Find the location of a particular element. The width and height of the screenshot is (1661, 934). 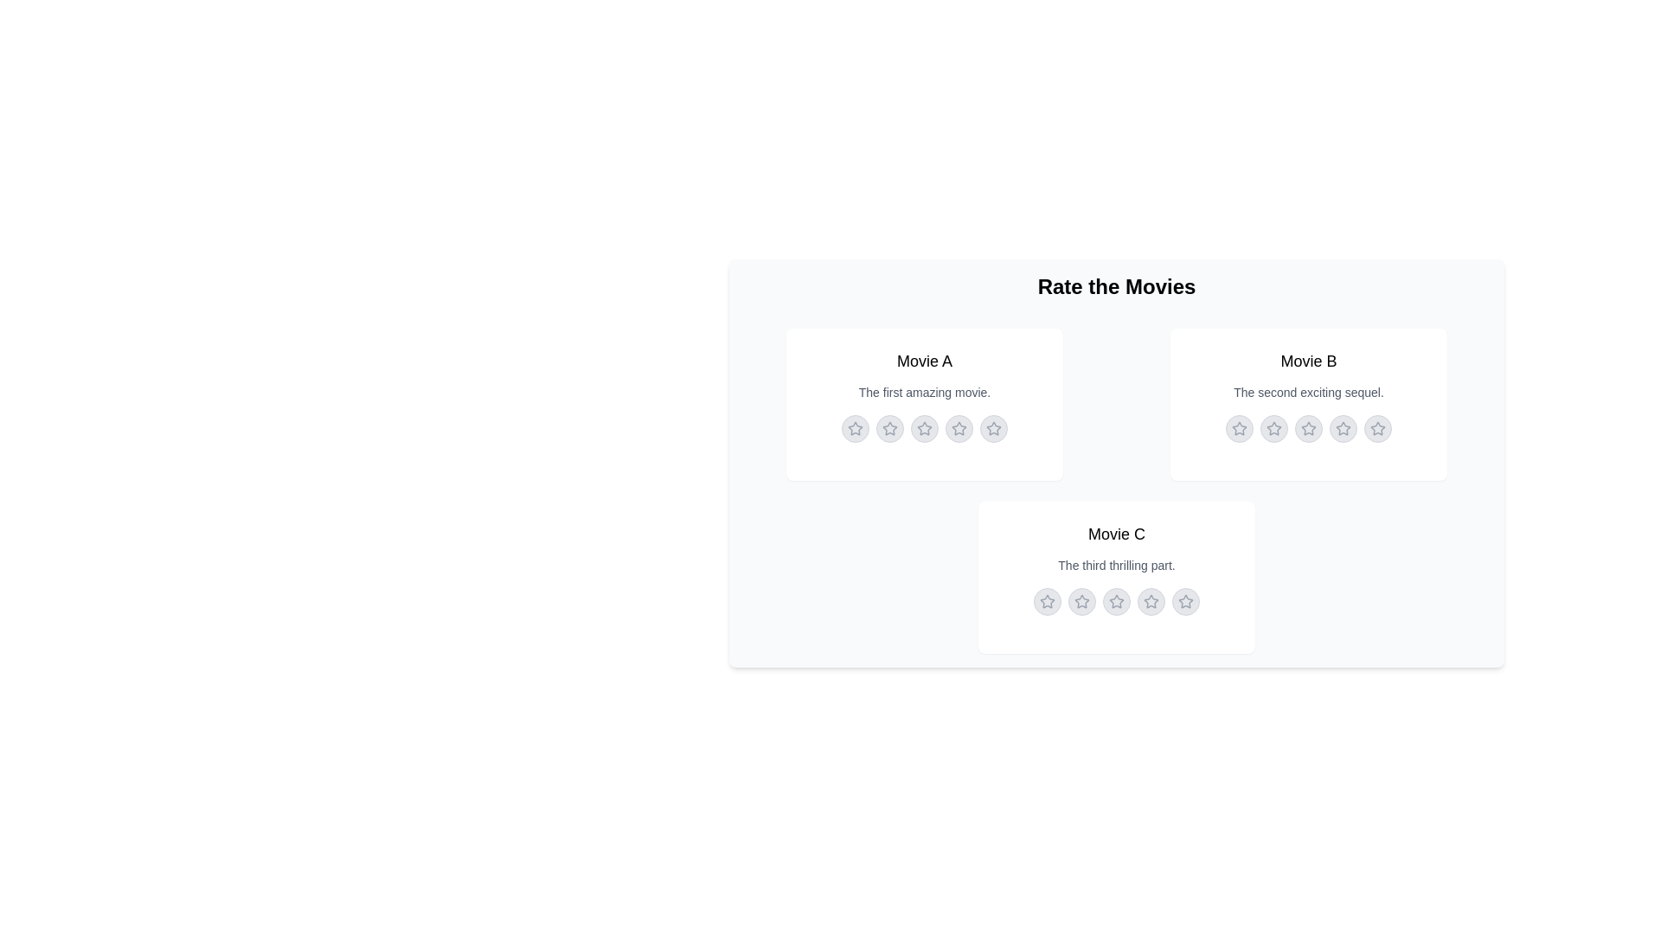

the fourth star-shaped icon with gray lines in the rating group below the 'Movie C' text box is located at coordinates (1151, 600).